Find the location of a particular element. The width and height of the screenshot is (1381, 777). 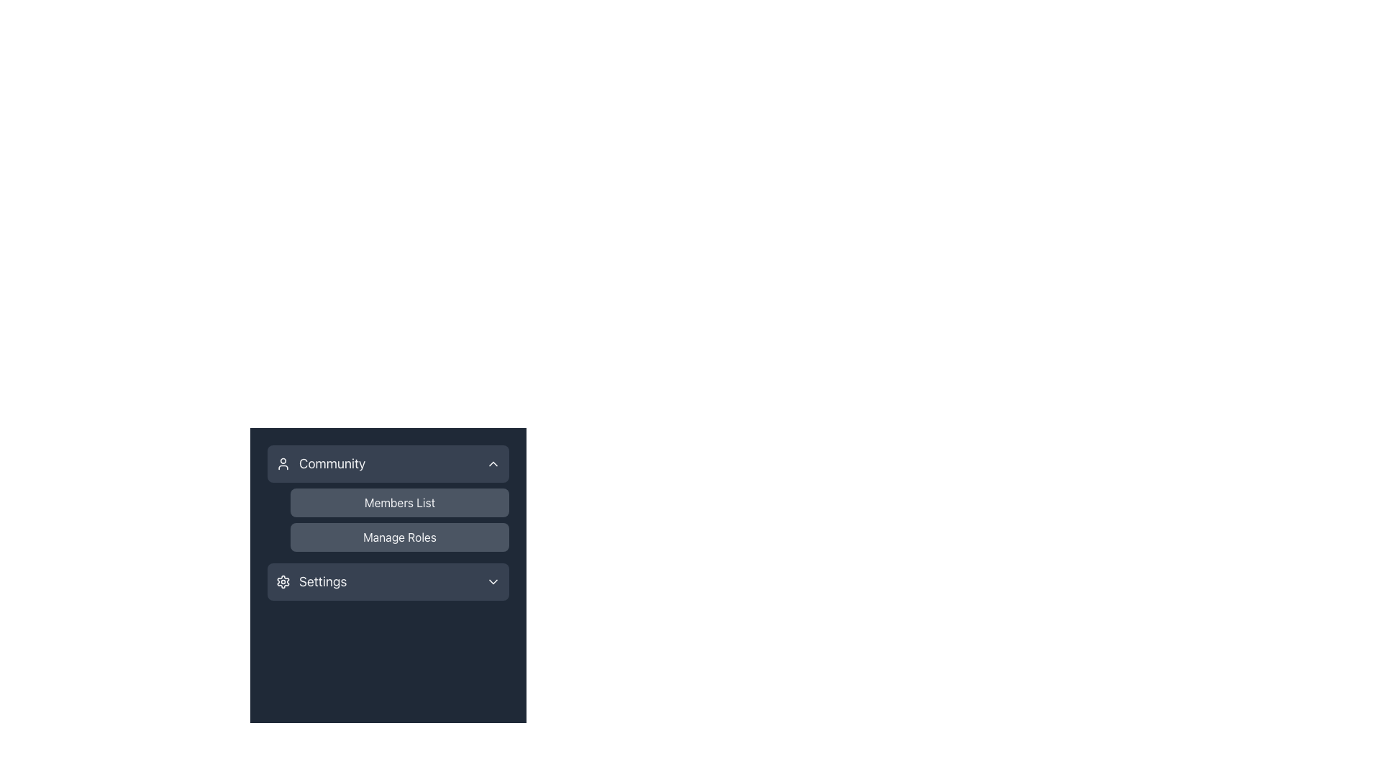

the Community icon located in the upper left corner of the Community header section in the sidebar, which is positioned to the left of the text 'Community' is located at coordinates (283, 463).